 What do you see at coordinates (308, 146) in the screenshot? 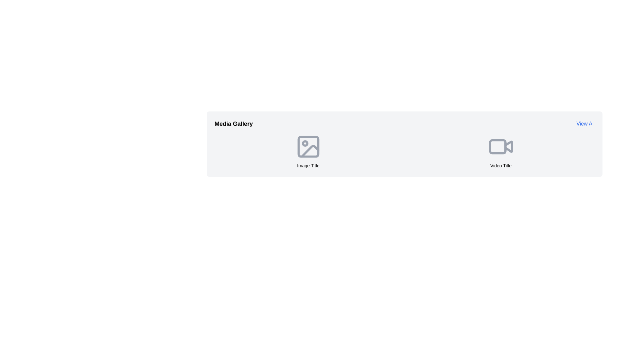
I see `the smaller rectangle SVG sub-component within the image icon located in the 'Media Gallery' section as part of the larger icon` at bounding box center [308, 146].